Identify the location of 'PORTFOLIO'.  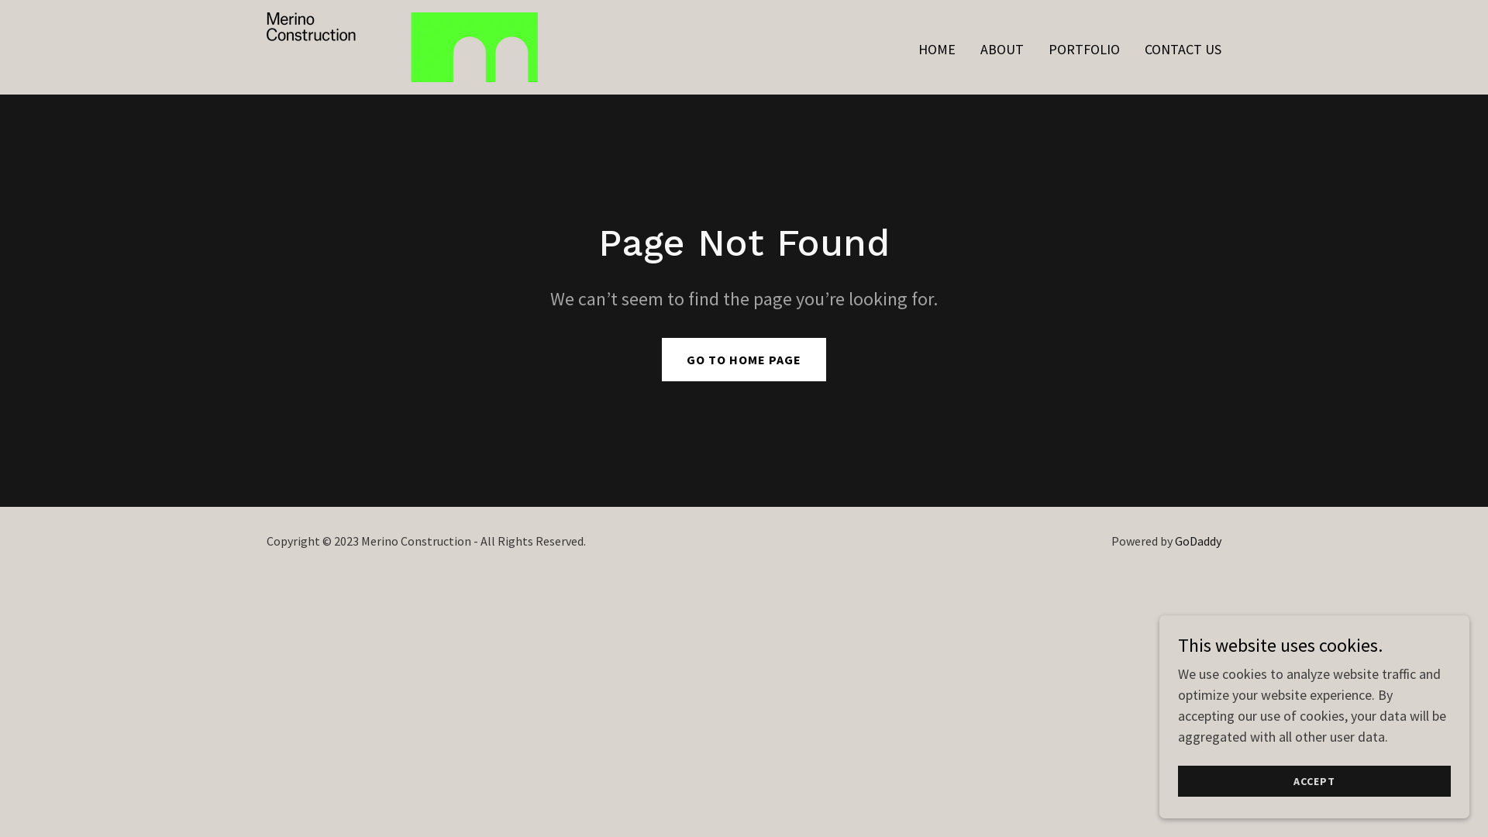
(1083, 49).